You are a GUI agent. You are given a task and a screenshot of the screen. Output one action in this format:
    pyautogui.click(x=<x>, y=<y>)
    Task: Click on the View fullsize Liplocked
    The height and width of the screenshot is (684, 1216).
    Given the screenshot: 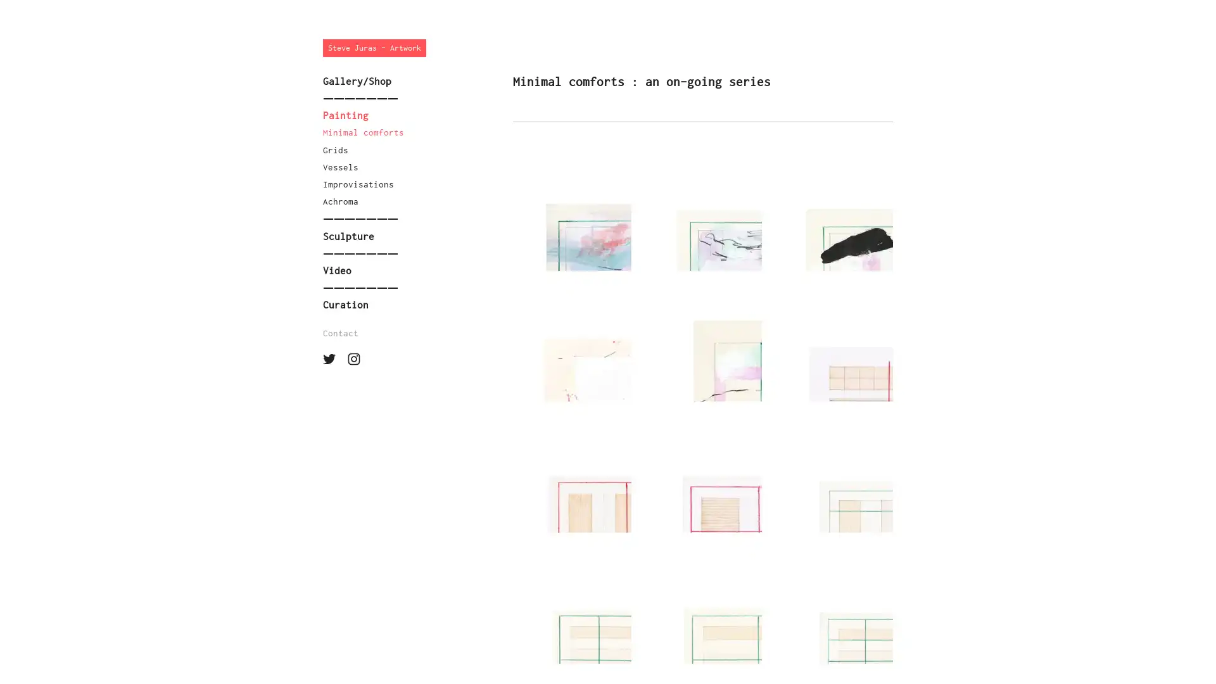 What is the action you would take?
    pyautogui.click(x=571, y=484)
    